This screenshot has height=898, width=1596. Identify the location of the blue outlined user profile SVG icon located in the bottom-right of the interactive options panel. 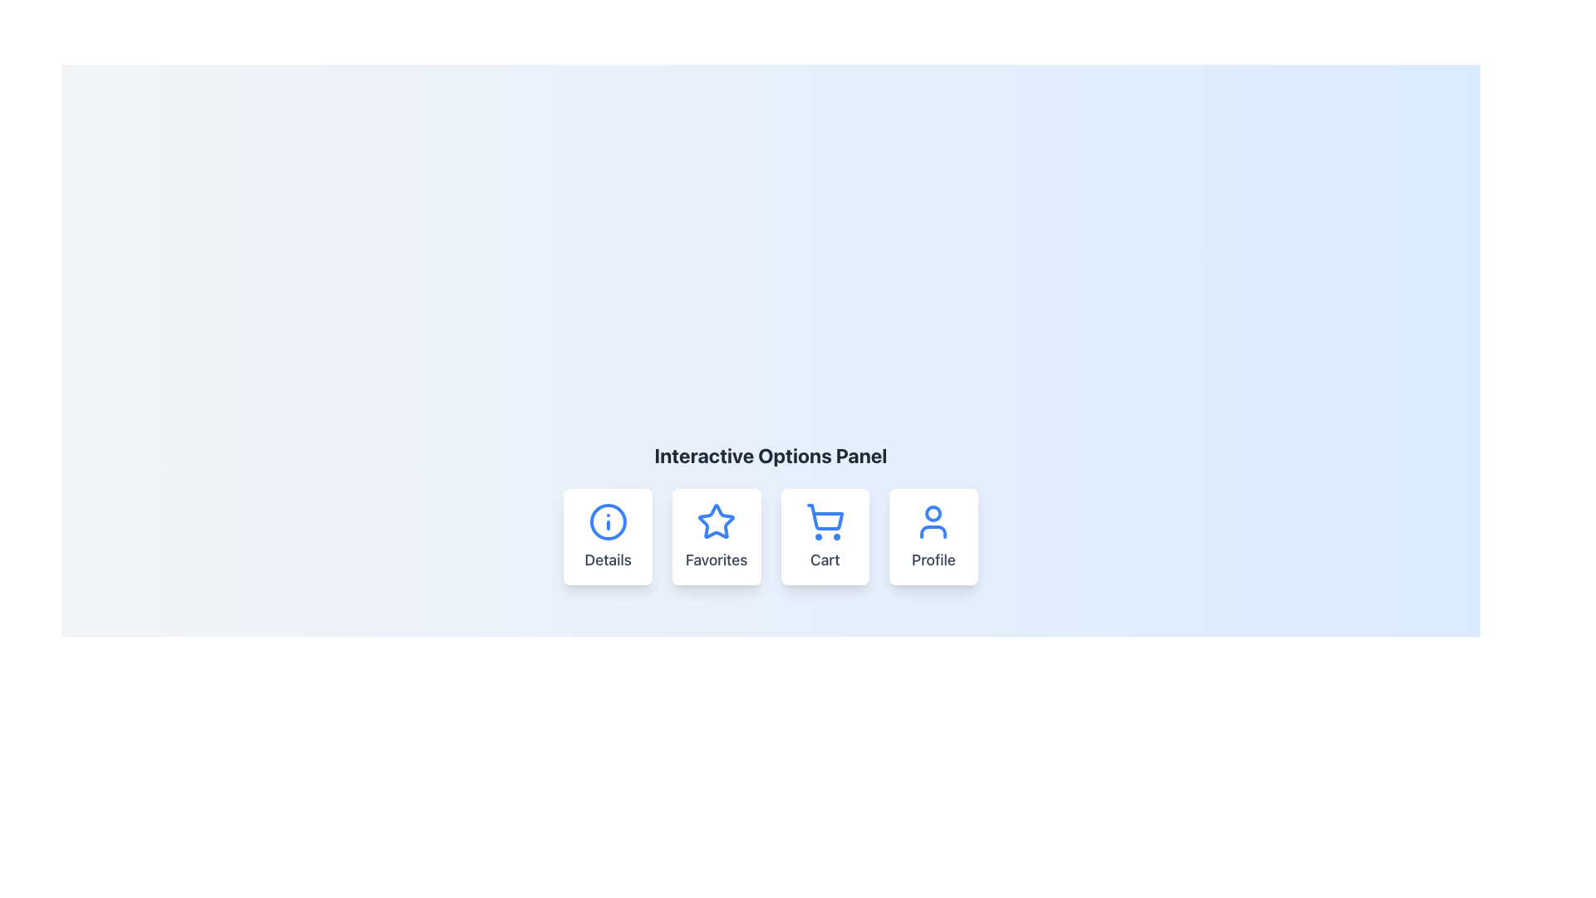
(933, 521).